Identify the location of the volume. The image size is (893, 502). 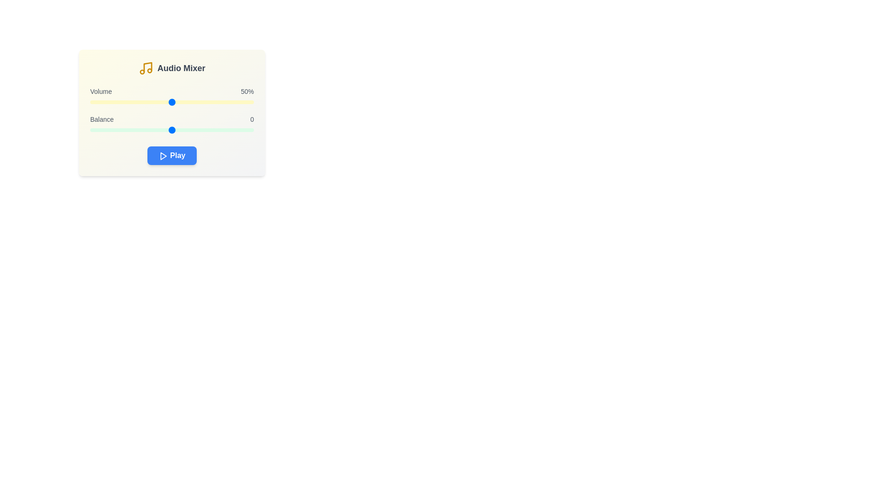
(247, 102).